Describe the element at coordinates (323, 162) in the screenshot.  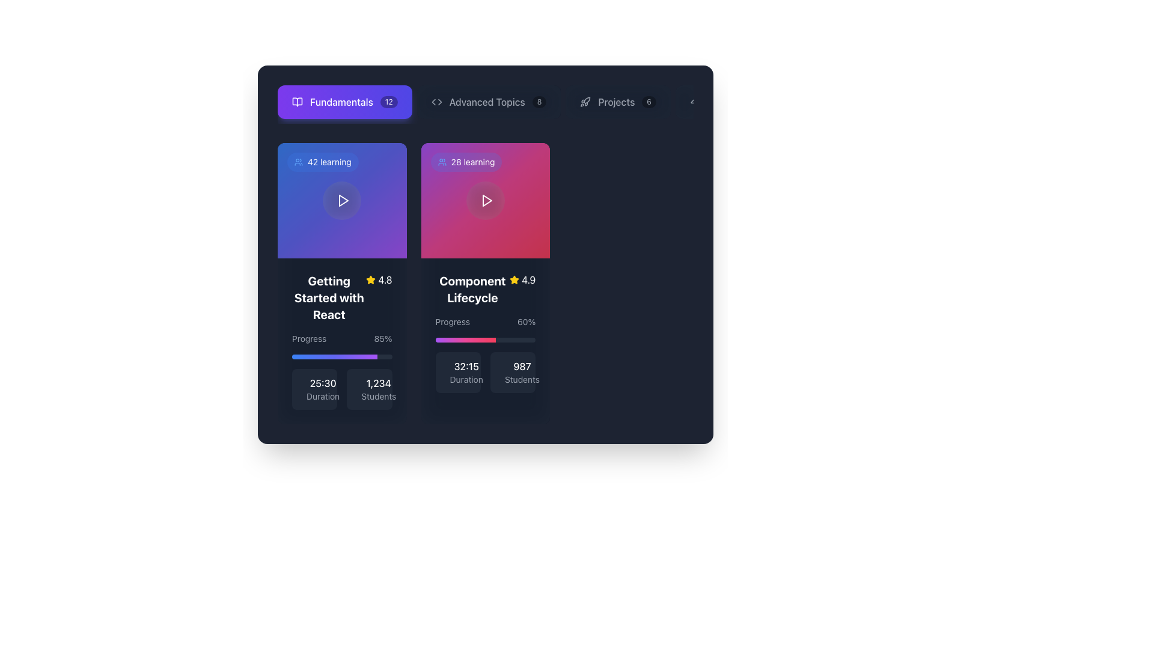
I see `the tag-like button displaying an icon of a group of people followed by the text '42 learning'` at that location.